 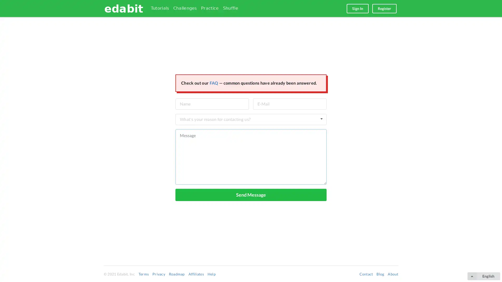 What do you see at coordinates (357, 8) in the screenshot?
I see `Sign In` at bounding box center [357, 8].